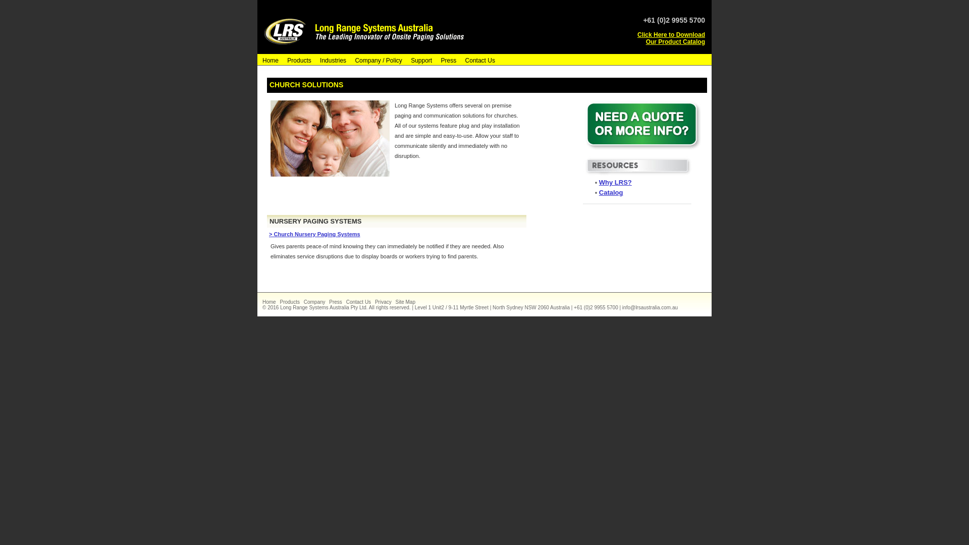  Describe the element at coordinates (279, 301) in the screenshot. I see `'Products'` at that location.